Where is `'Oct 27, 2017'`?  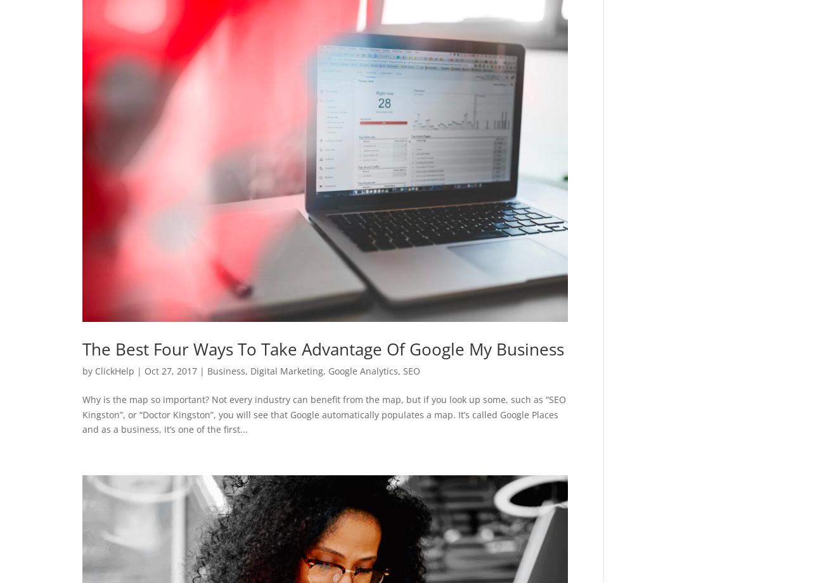
'Oct 27, 2017' is located at coordinates (170, 370).